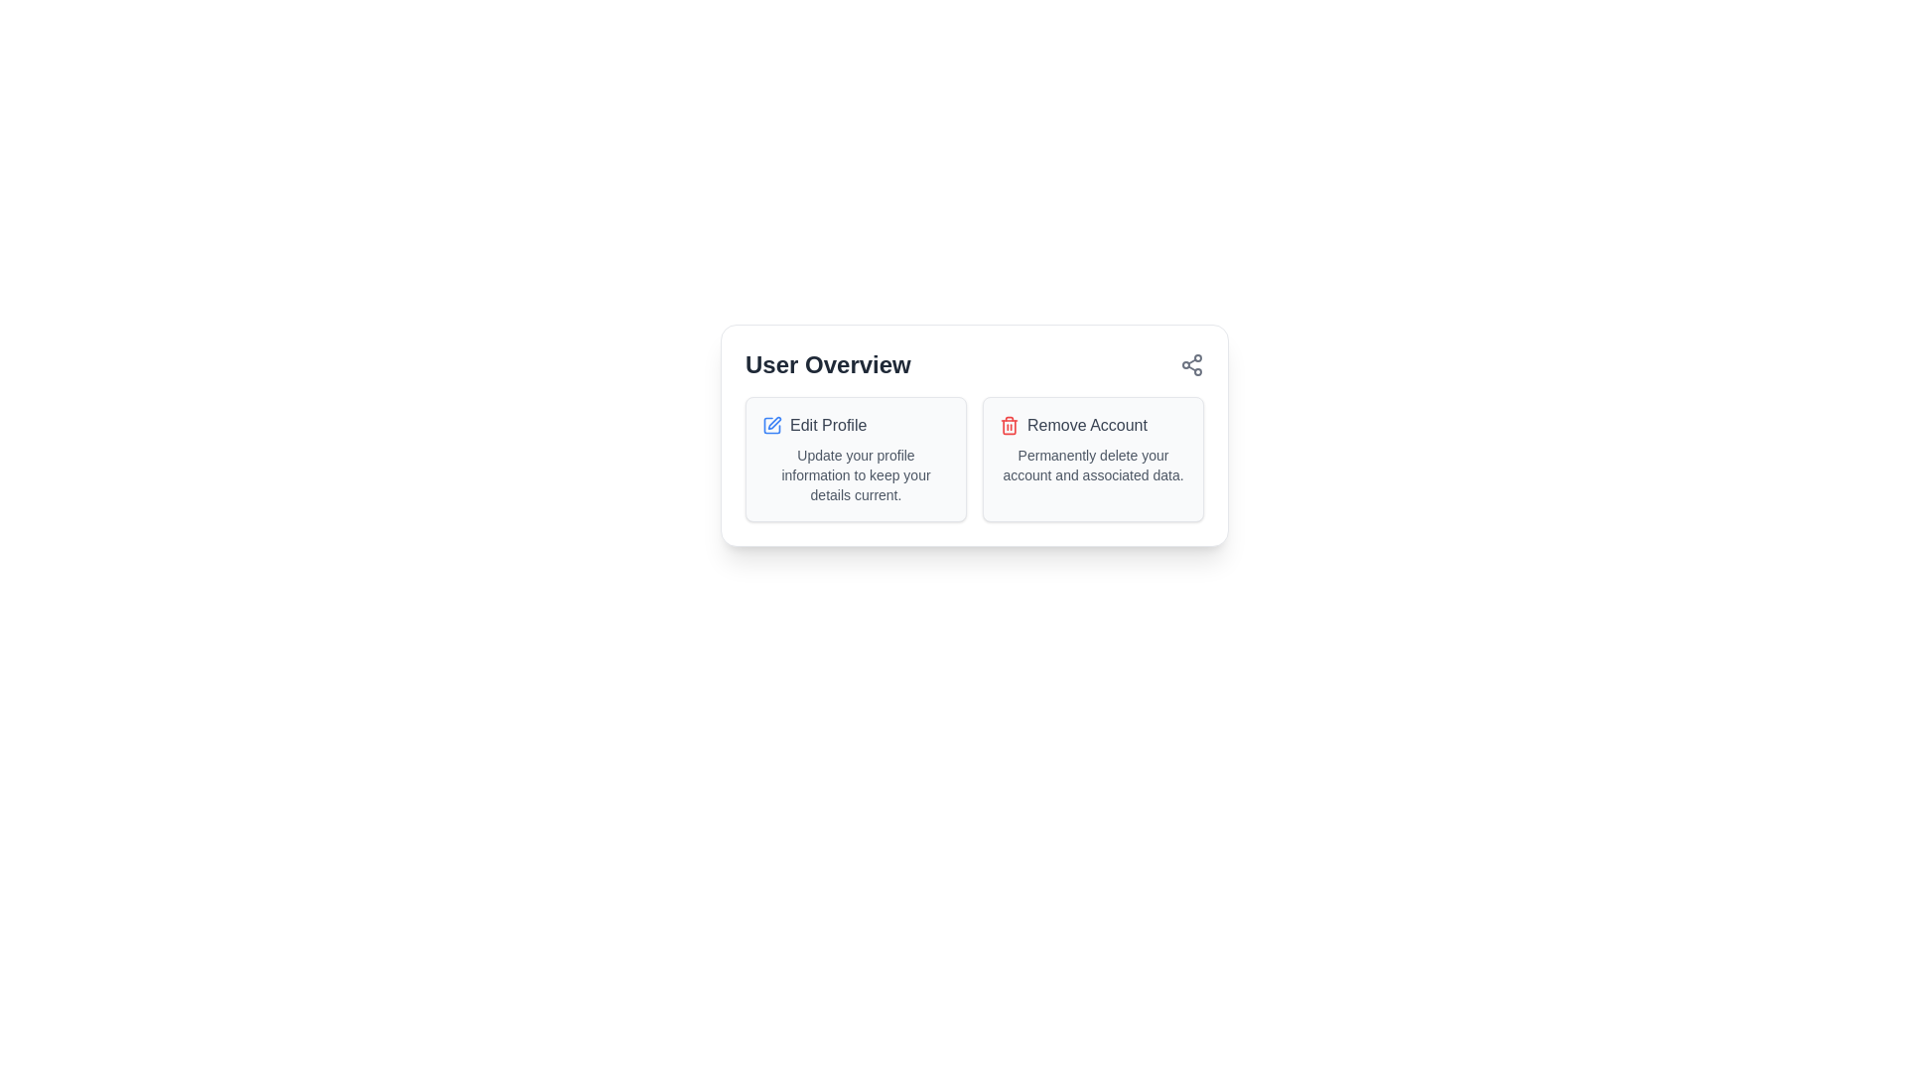 This screenshot has height=1072, width=1906. I want to click on the share button located at the top-right corner of the 'User Overview' section, so click(1191, 364).